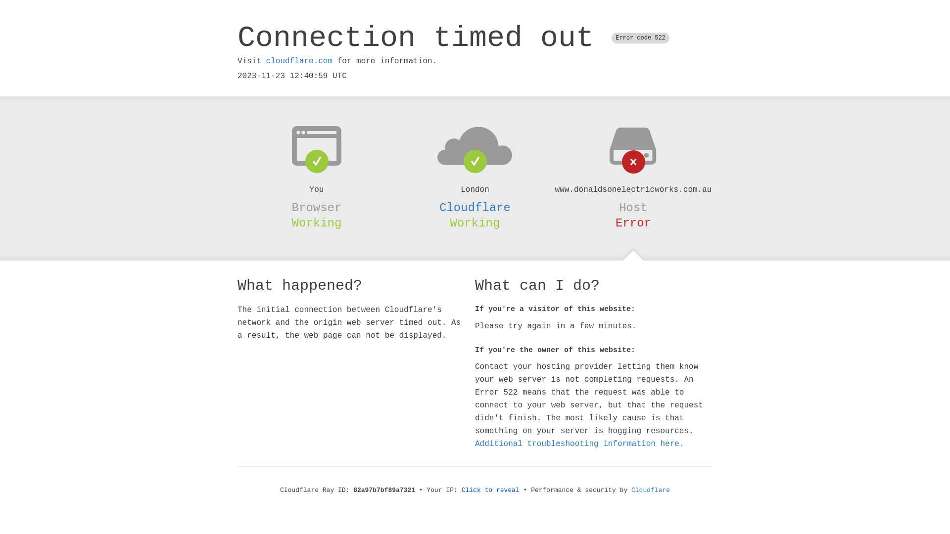 This screenshot has height=534, width=950. What do you see at coordinates (298, 61) in the screenshot?
I see `'cloudflare.com'` at bounding box center [298, 61].